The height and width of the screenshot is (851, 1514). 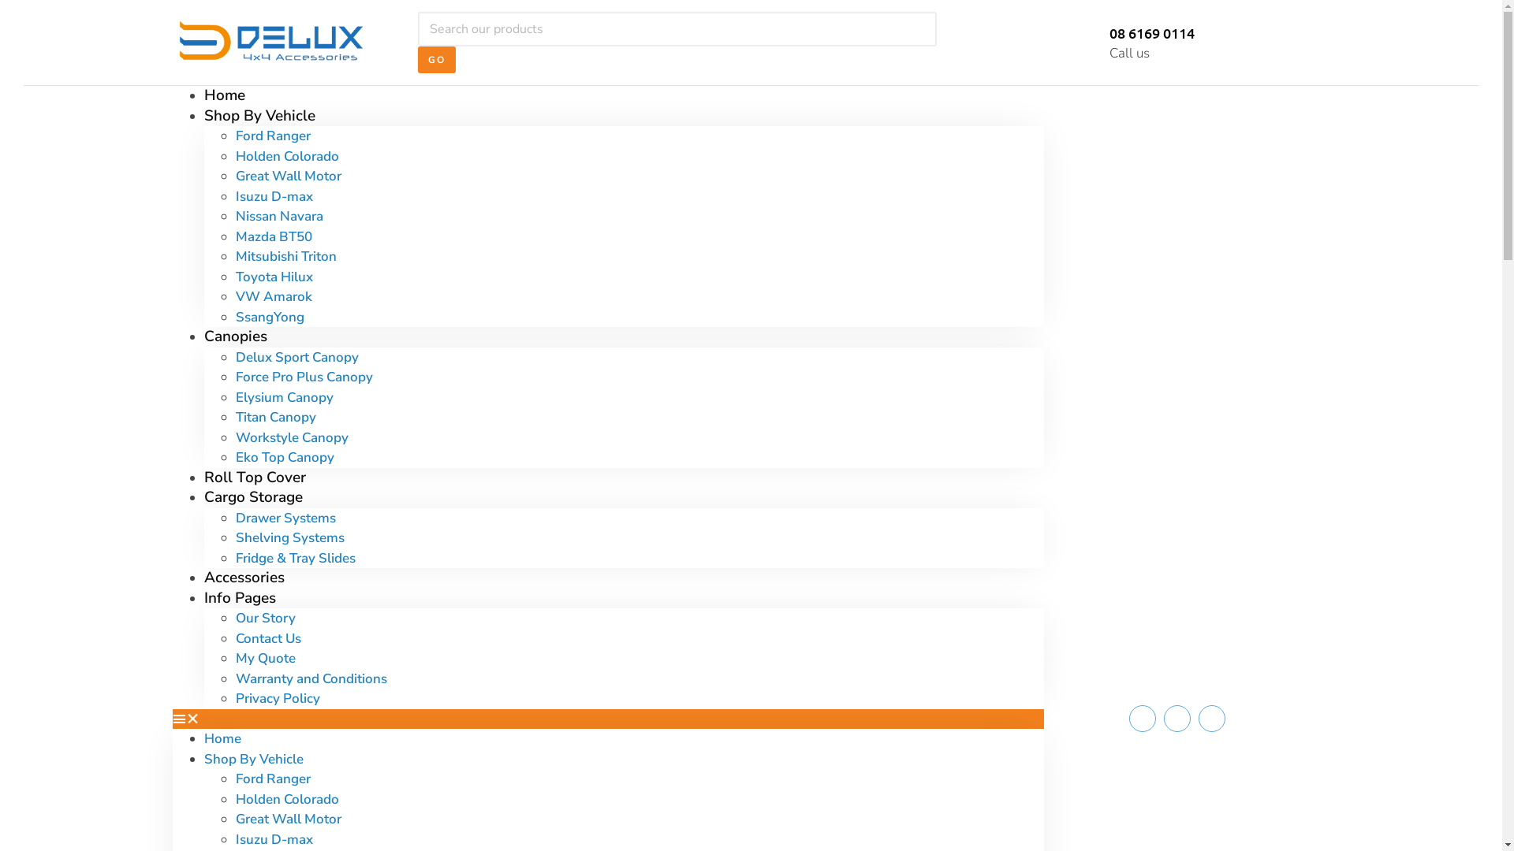 What do you see at coordinates (265, 658) in the screenshot?
I see `'My Quote'` at bounding box center [265, 658].